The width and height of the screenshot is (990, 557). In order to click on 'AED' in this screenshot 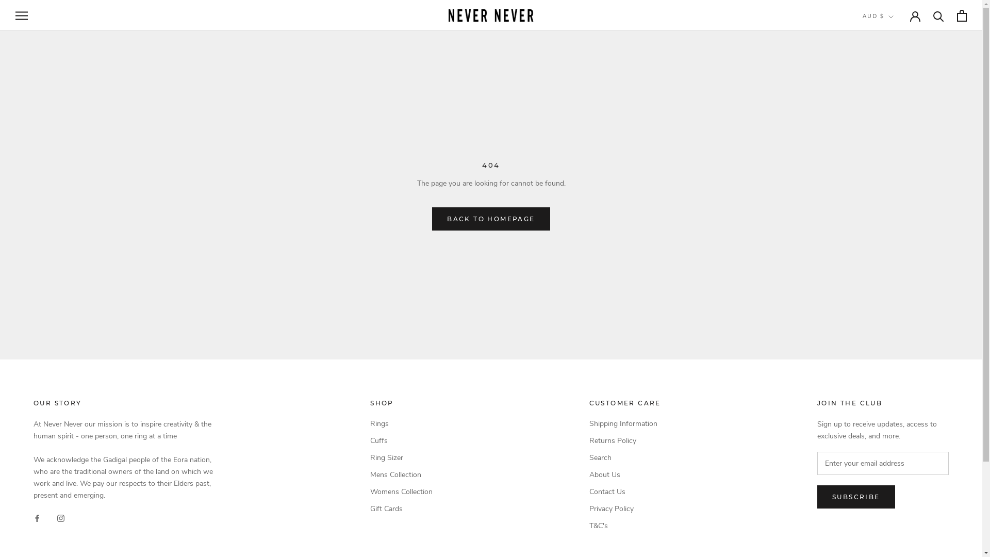, I will do `click(895, 38)`.